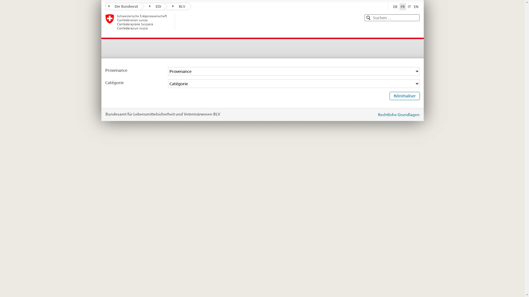 Image resolution: width=529 pixels, height=297 pixels. I want to click on 'BLV', so click(176, 6).